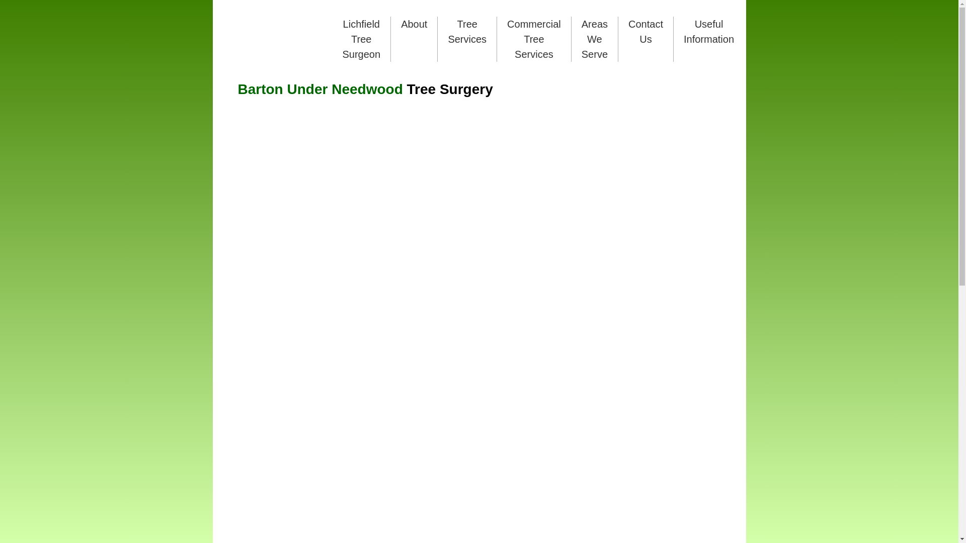 The height and width of the screenshot is (543, 966). What do you see at coordinates (466, 31) in the screenshot?
I see `'Tree Services'` at bounding box center [466, 31].